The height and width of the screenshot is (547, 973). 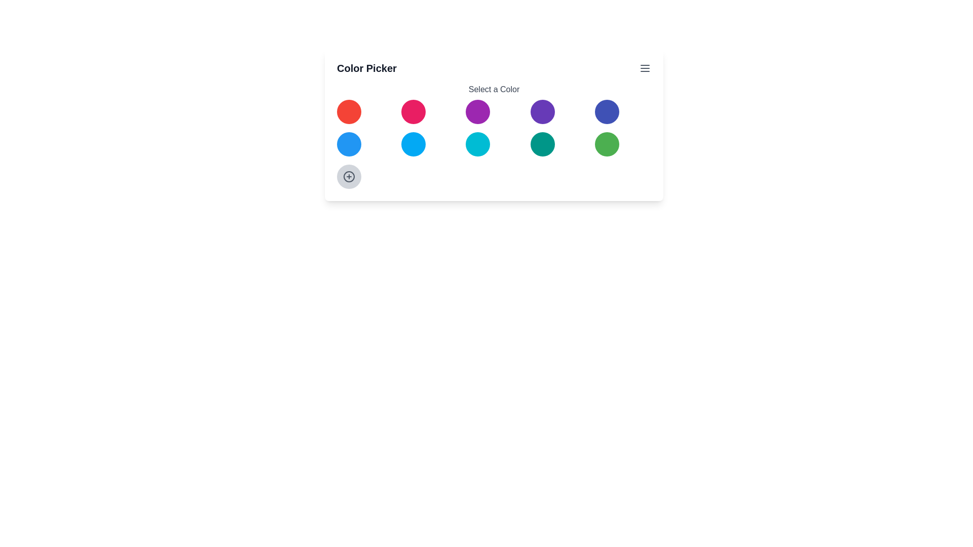 What do you see at coordinates (606, 111) in the screenshot?
I see `the color circle with color indigo` at bounding box center [606, 111].